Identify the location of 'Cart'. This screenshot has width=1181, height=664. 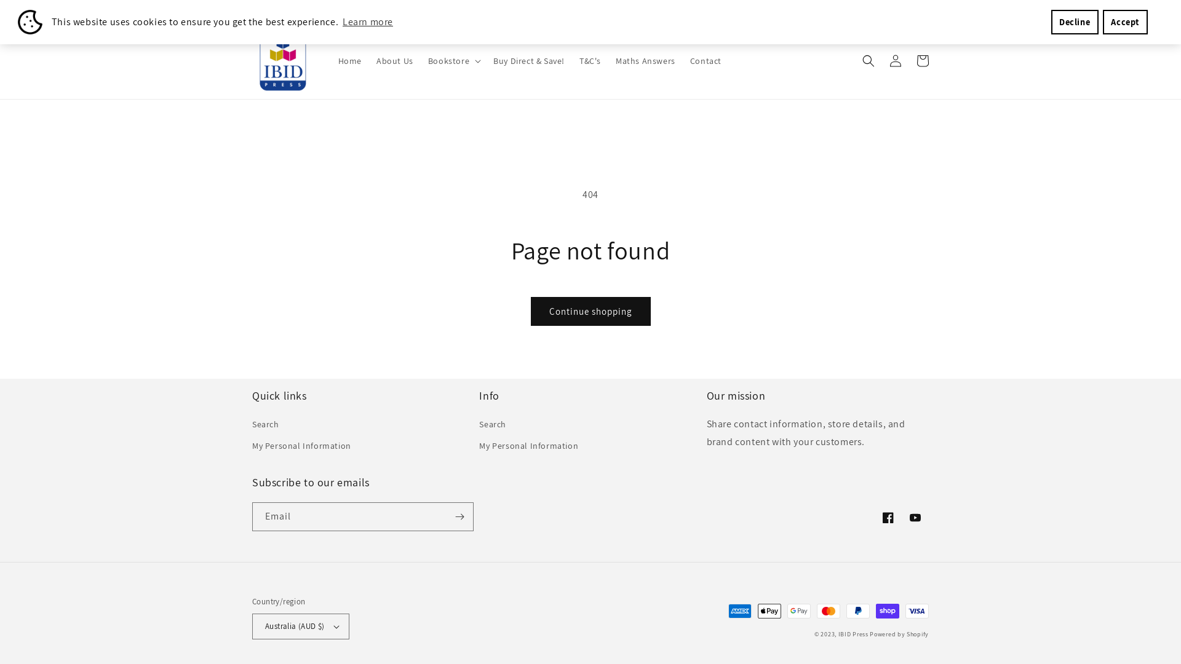
(922, 61).